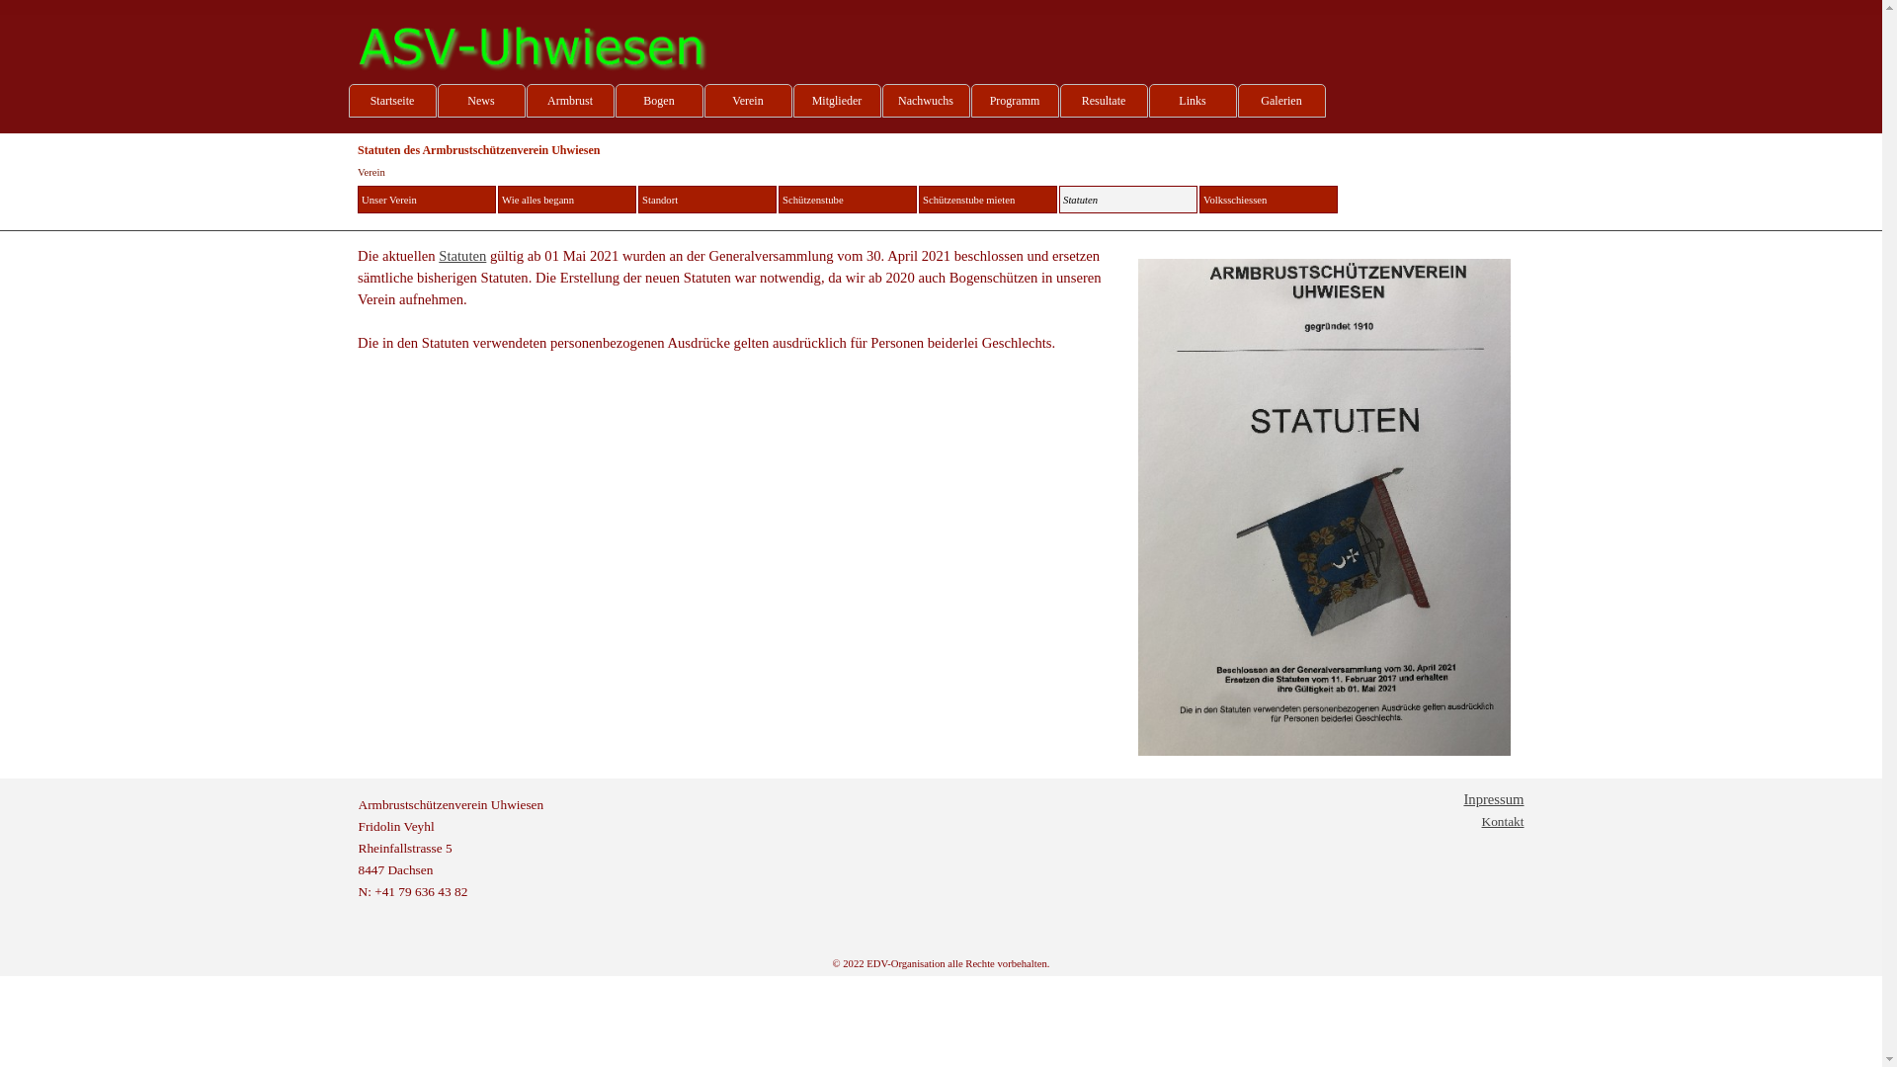 This screenshot has width=1897, height=1067. Describe the element at coordinates (1493, 798) in the screenshot. I see `'Inpressum'` at that location.